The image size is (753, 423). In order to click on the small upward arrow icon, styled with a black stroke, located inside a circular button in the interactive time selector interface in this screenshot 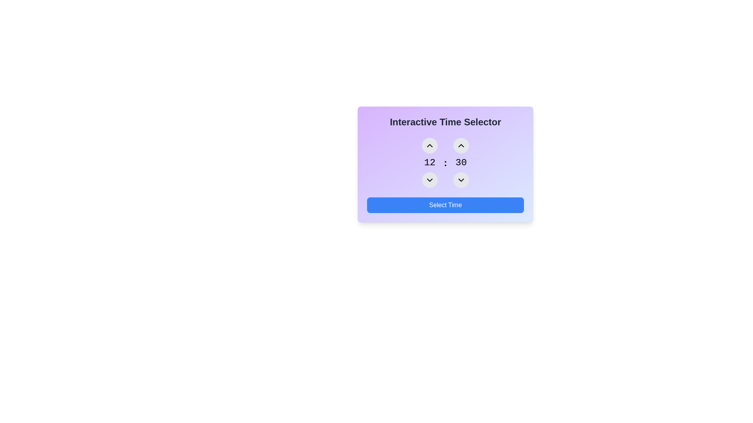, I will do `click(461, 145)`.